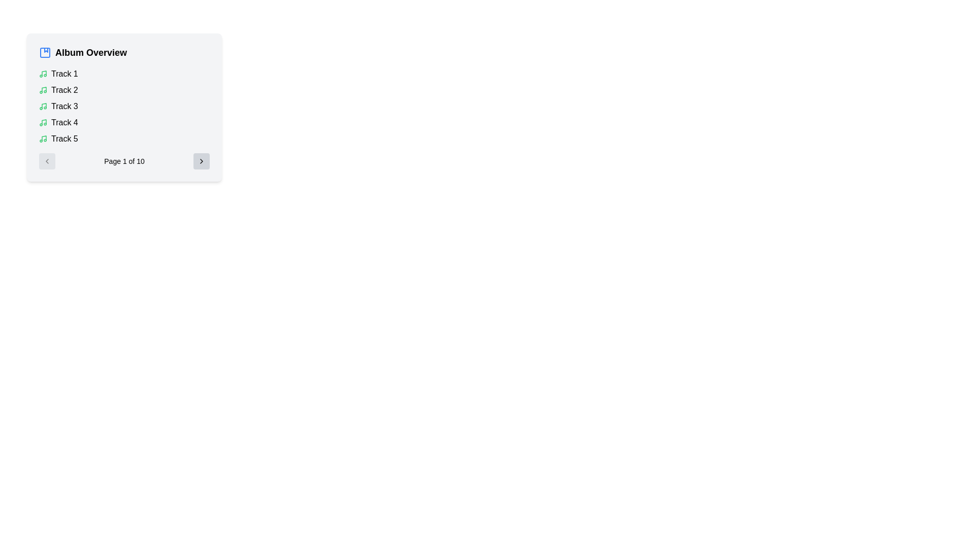  Describe the element at coordinates (45, 53) in the screenshot. I see `the Decorative icon component (SVG shape) that serves as an emblem for the 'Album Overview' section, positioned to the left of the text 'Album Overview'` at that location.